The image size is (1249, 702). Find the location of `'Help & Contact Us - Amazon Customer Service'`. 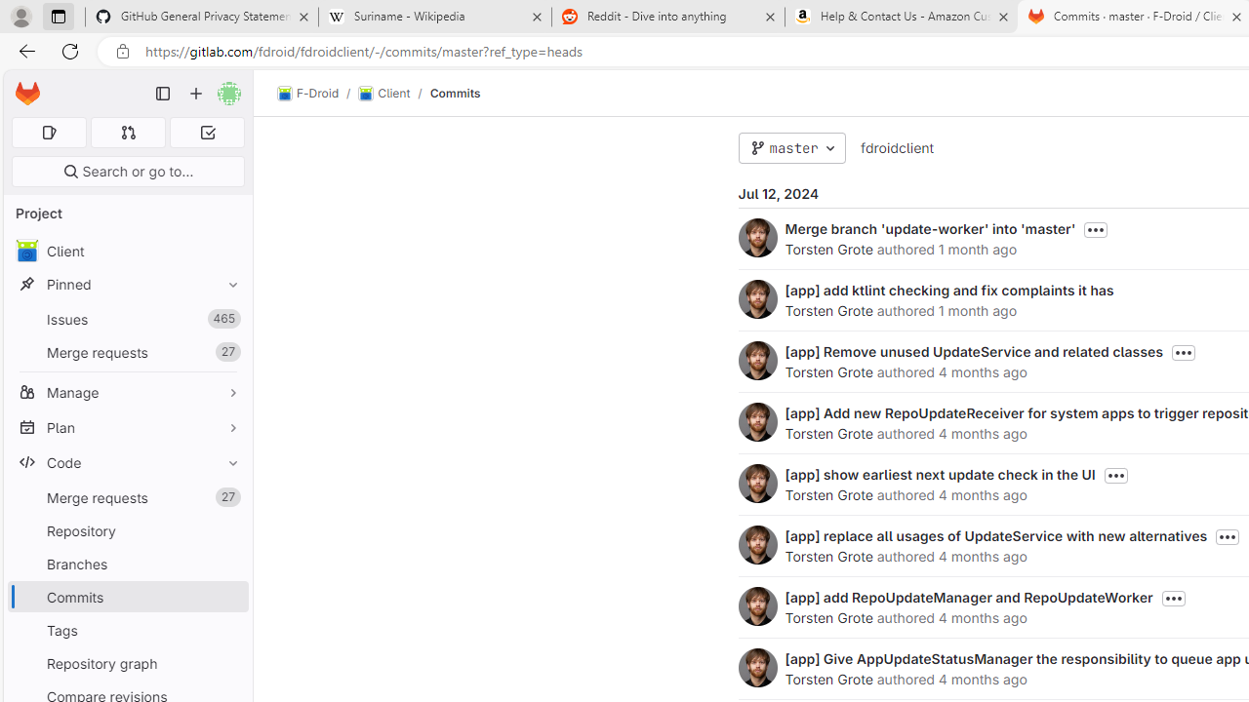

'Help & Contact Us - Amazon Customer Service' is located at coordinates (901, 17).